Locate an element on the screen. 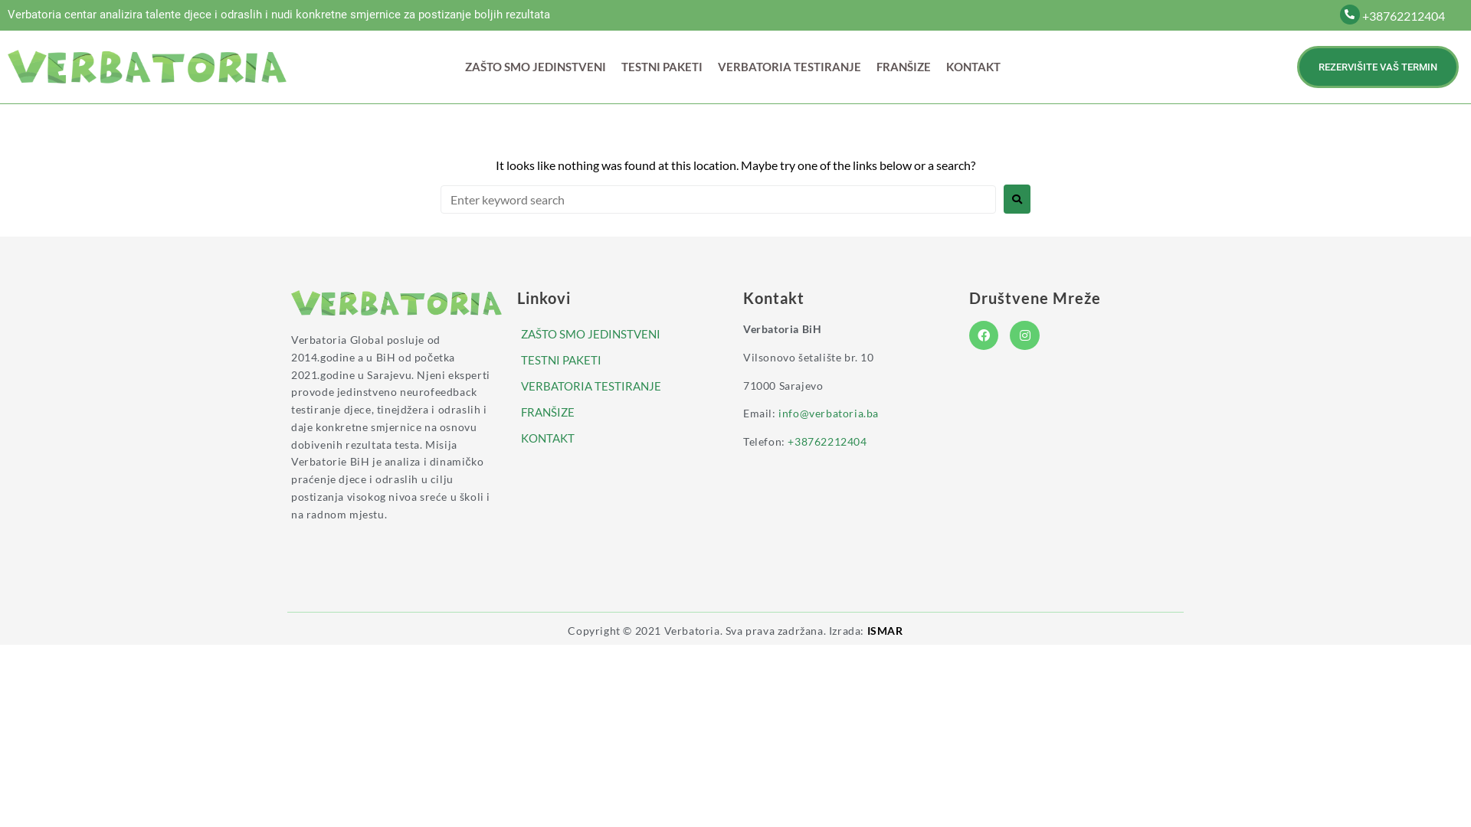 The image size is (1471, 827). 'info@verbatoria.ba' is located at coordinates (827, 412).